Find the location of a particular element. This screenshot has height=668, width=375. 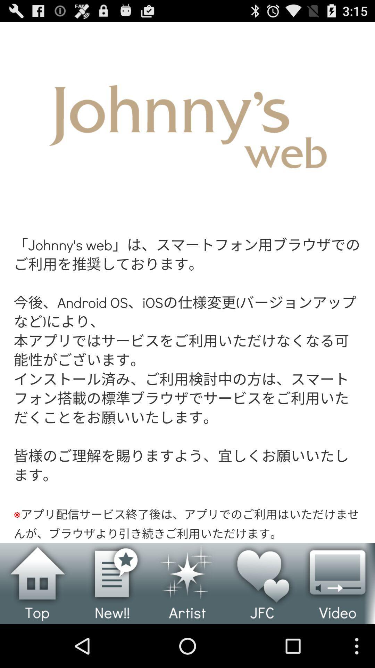

open artist page is located at coordinates (187, 583).